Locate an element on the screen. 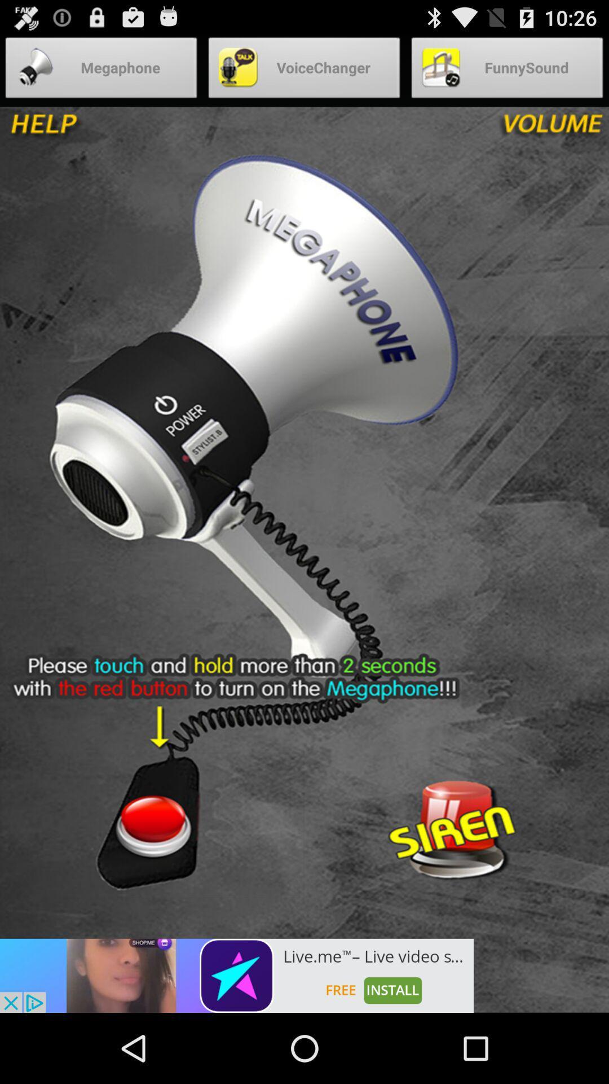  help button is located at coordinates (83, 129).